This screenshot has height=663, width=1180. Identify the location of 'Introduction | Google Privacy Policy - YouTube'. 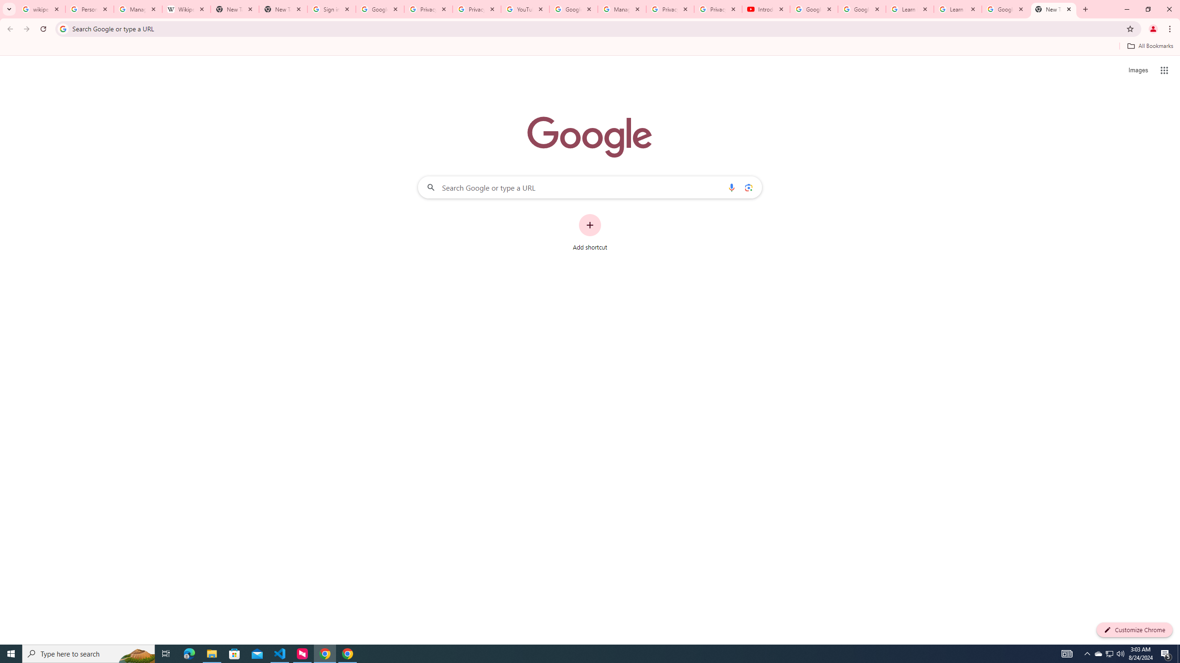
(765, 9).